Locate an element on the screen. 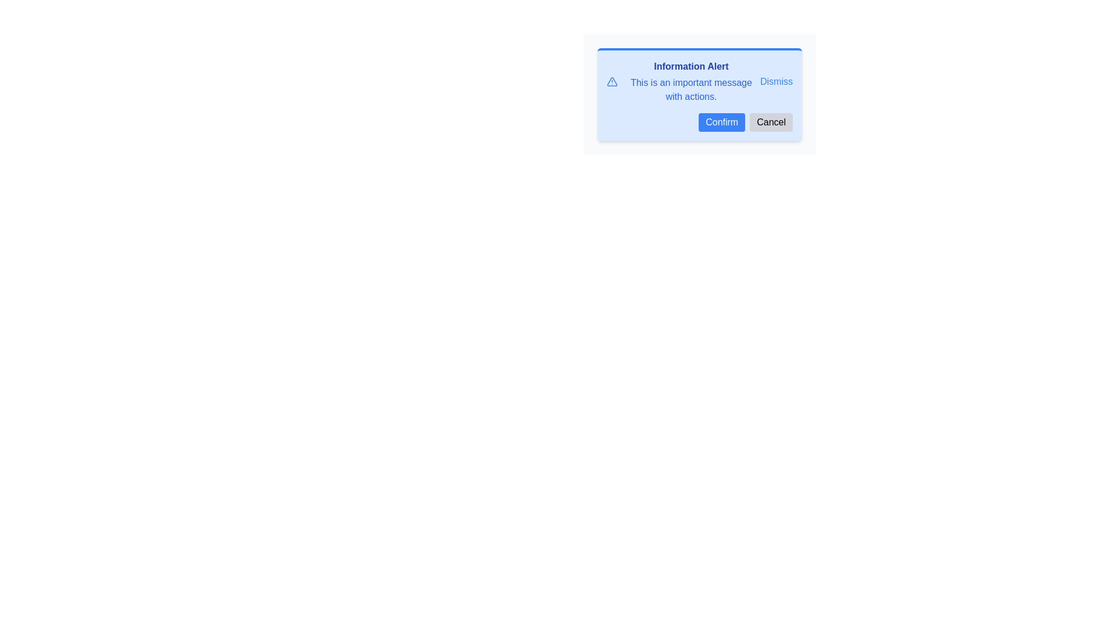  the title text label of the dialog box, which provides a brief summary of the message displayed is located at coordinates (691, 67).